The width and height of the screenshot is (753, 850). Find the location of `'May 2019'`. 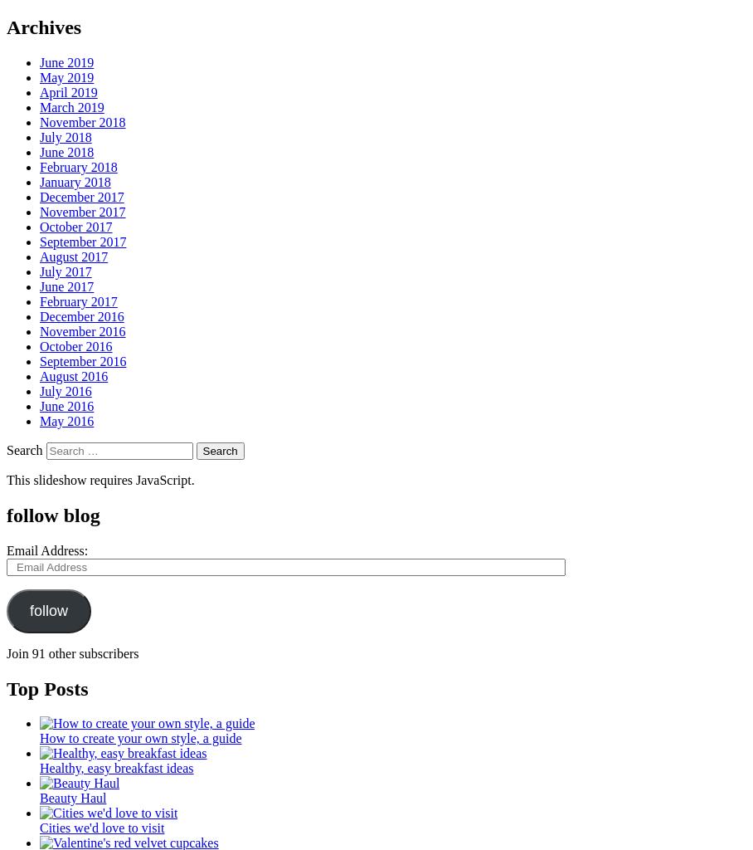

'May 2019' is located at coordinates (66, 76).